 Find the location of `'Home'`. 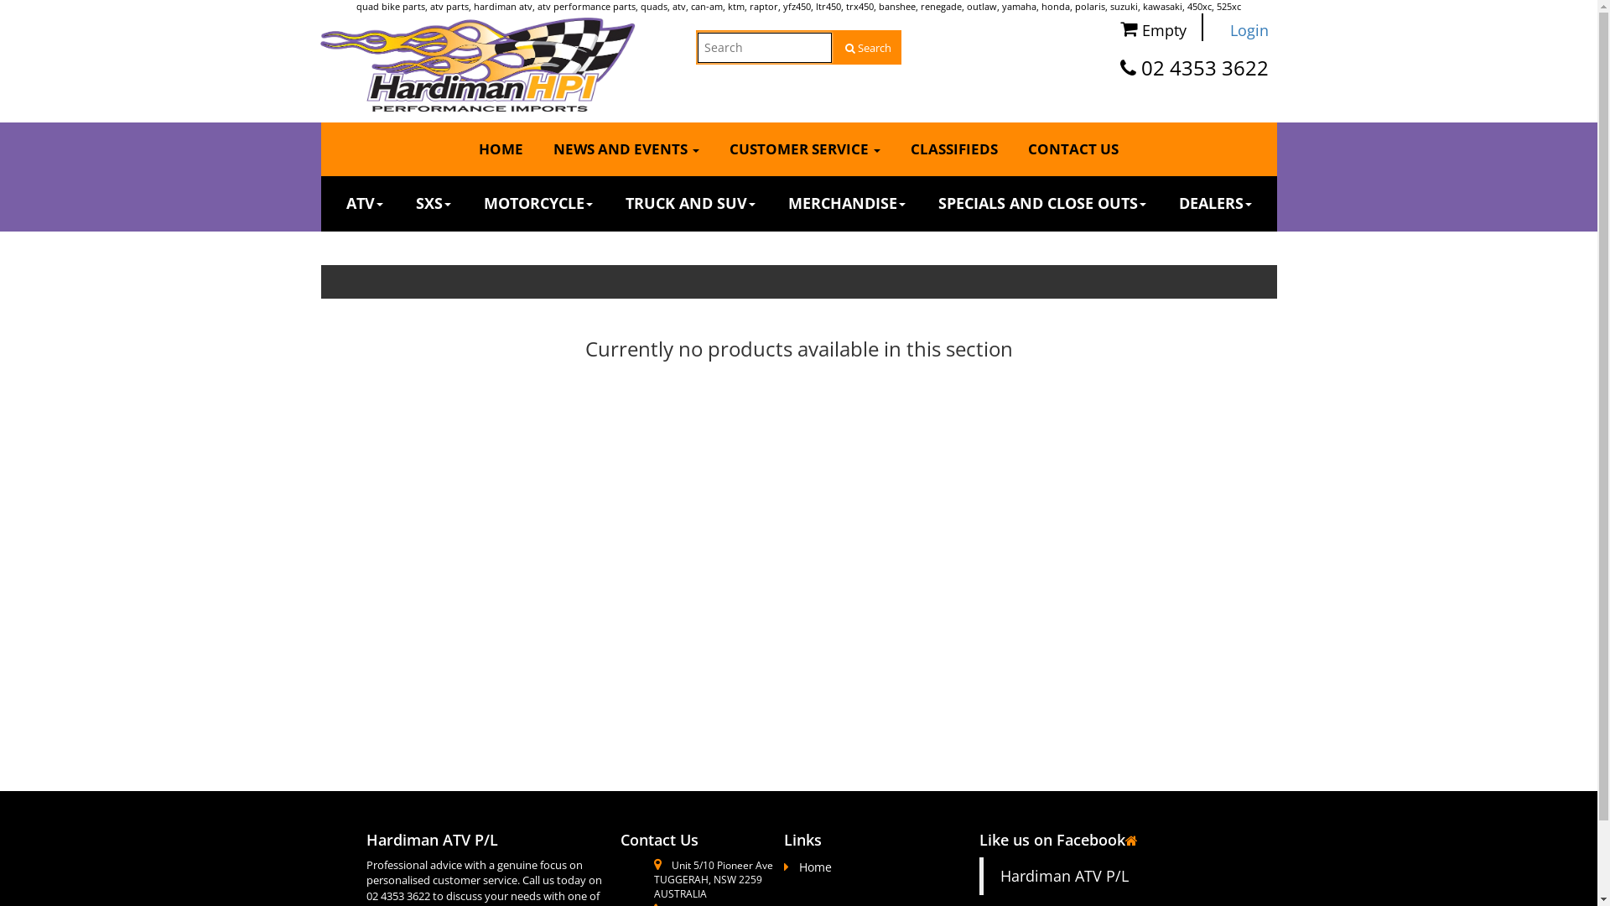

'Home' is located at coordinates (808, 867).